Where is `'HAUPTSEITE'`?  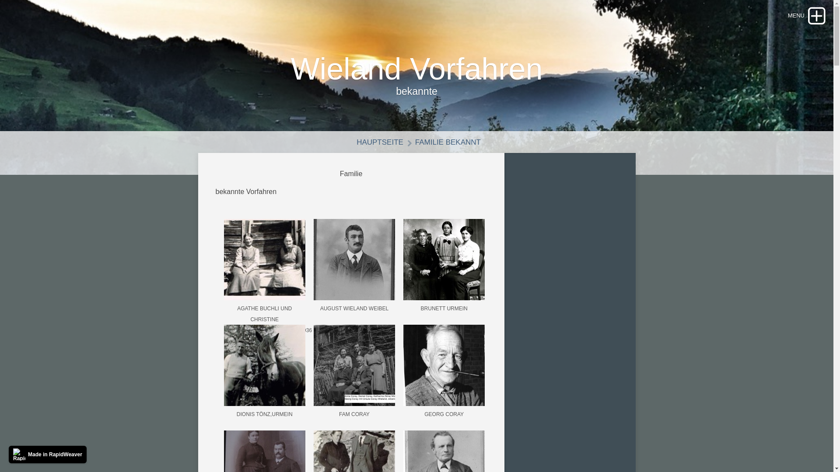 'HAUPTSEITE' is located at coordinates (376, 142).